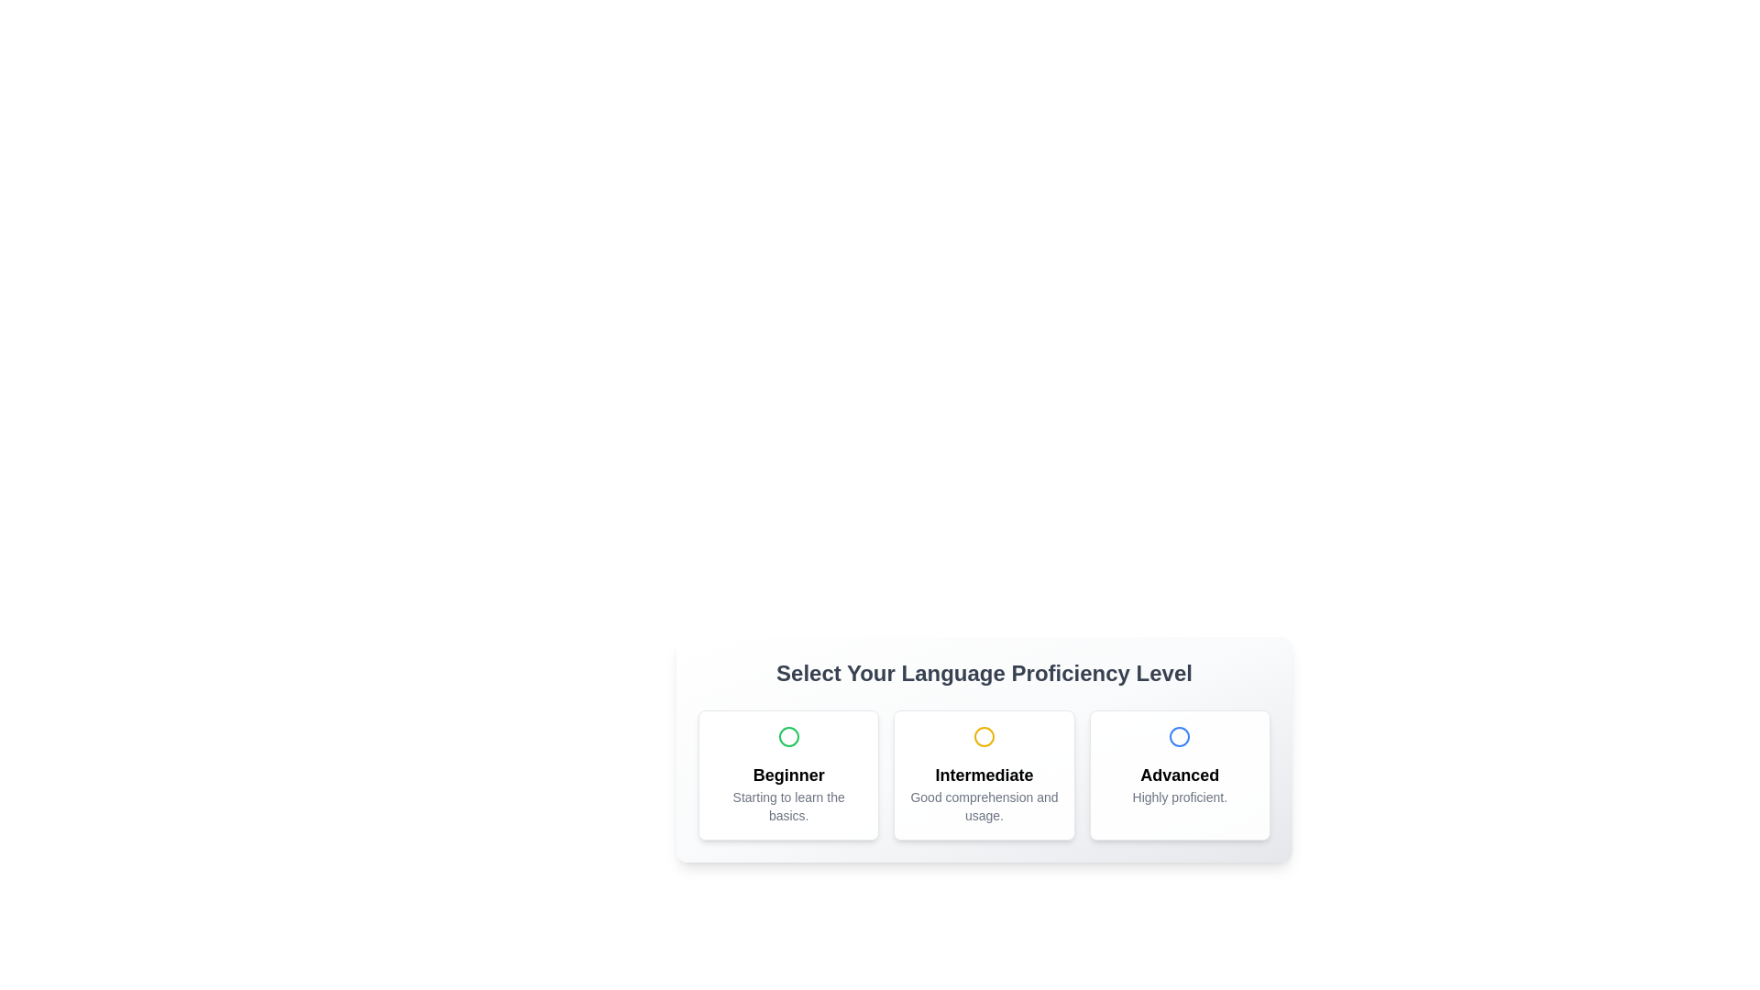 This screenshot has width=1760, height=990. What do you see at coordinates (1179, 775) in the screenshot?
I see `the 'Advanced' language proficiency level button, which is the third button in a series of three cards positioned below the header 'Select Your Language Proficiency Level'` at bounding box center [1179, 775].